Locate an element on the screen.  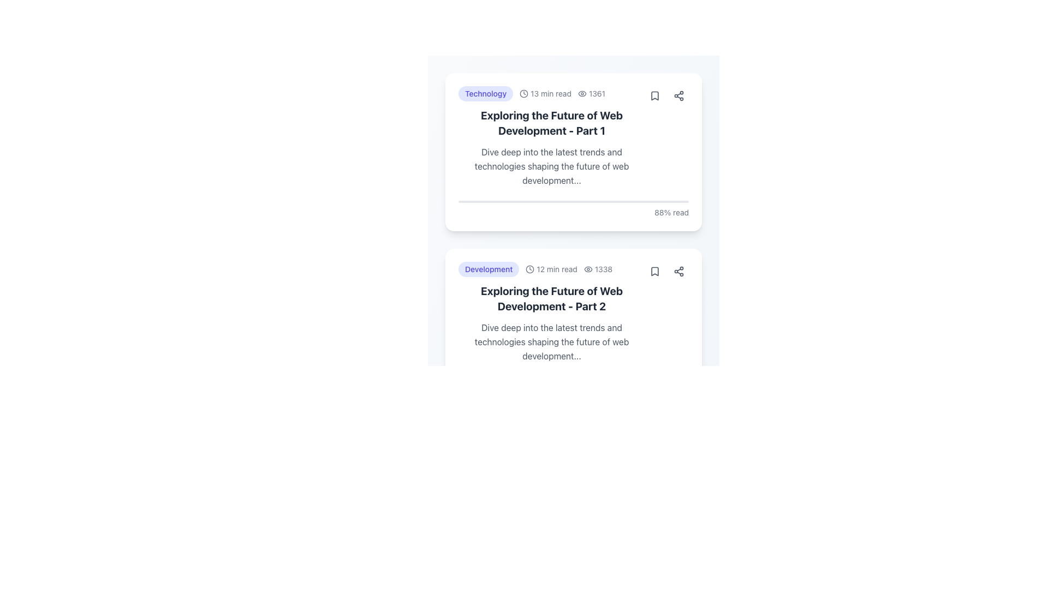
the share button icon located at the top-right corner of the card to share the content is located at coordinates (678, 271).